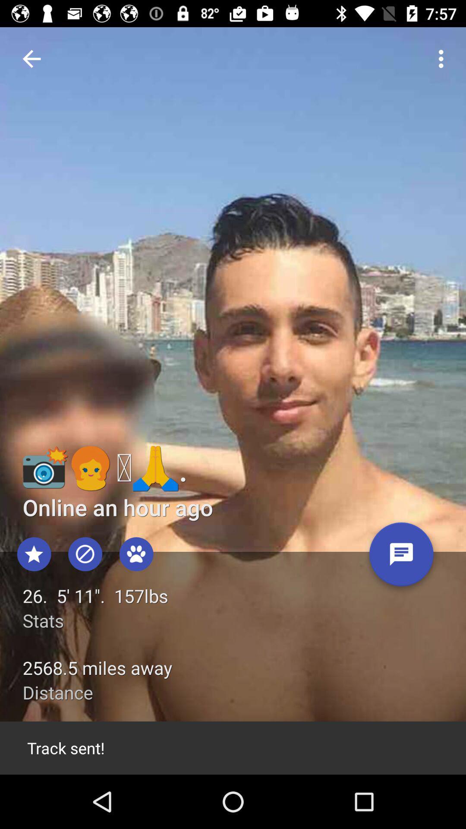 This screenshot has height=829, width=466. I want to click on the icon at the bottom right corner, so click(401, 557).